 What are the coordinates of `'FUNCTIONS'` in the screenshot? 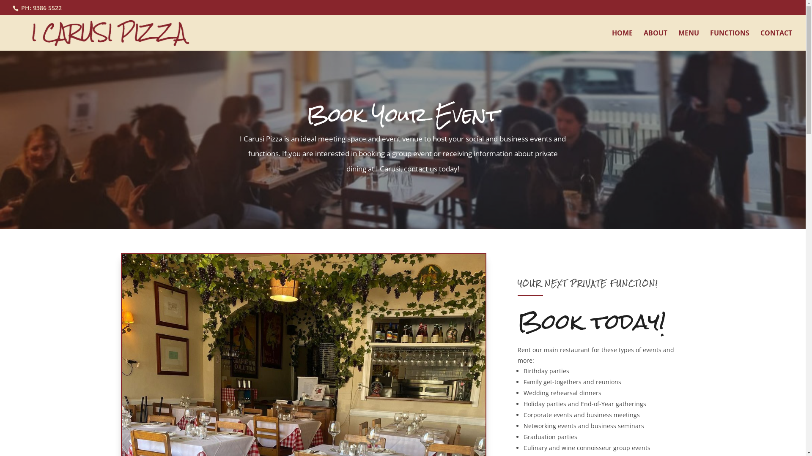 It's located at (729, 40).